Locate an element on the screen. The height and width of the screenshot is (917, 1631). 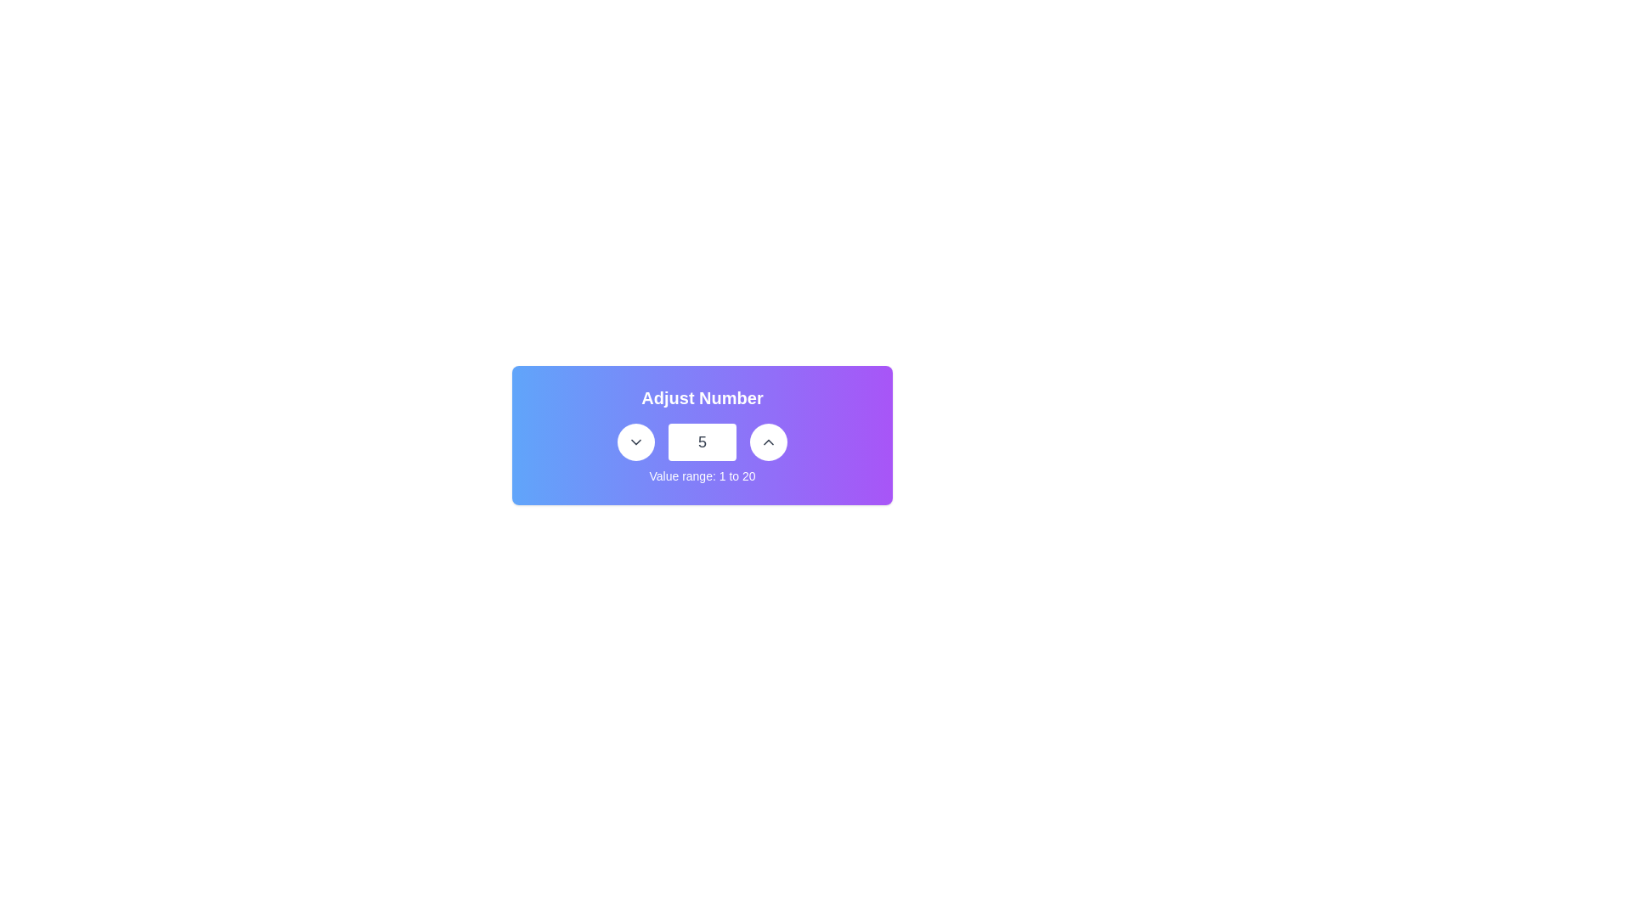
the increment button located to the right of the numeric display box to increment the value by one is located at coordinates (768, 441).